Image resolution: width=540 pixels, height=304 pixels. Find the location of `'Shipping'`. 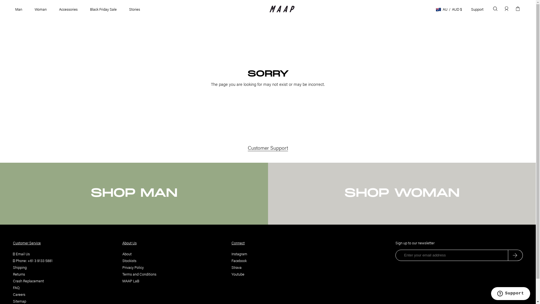

'Shipping' is located at coordinates (20, 267).